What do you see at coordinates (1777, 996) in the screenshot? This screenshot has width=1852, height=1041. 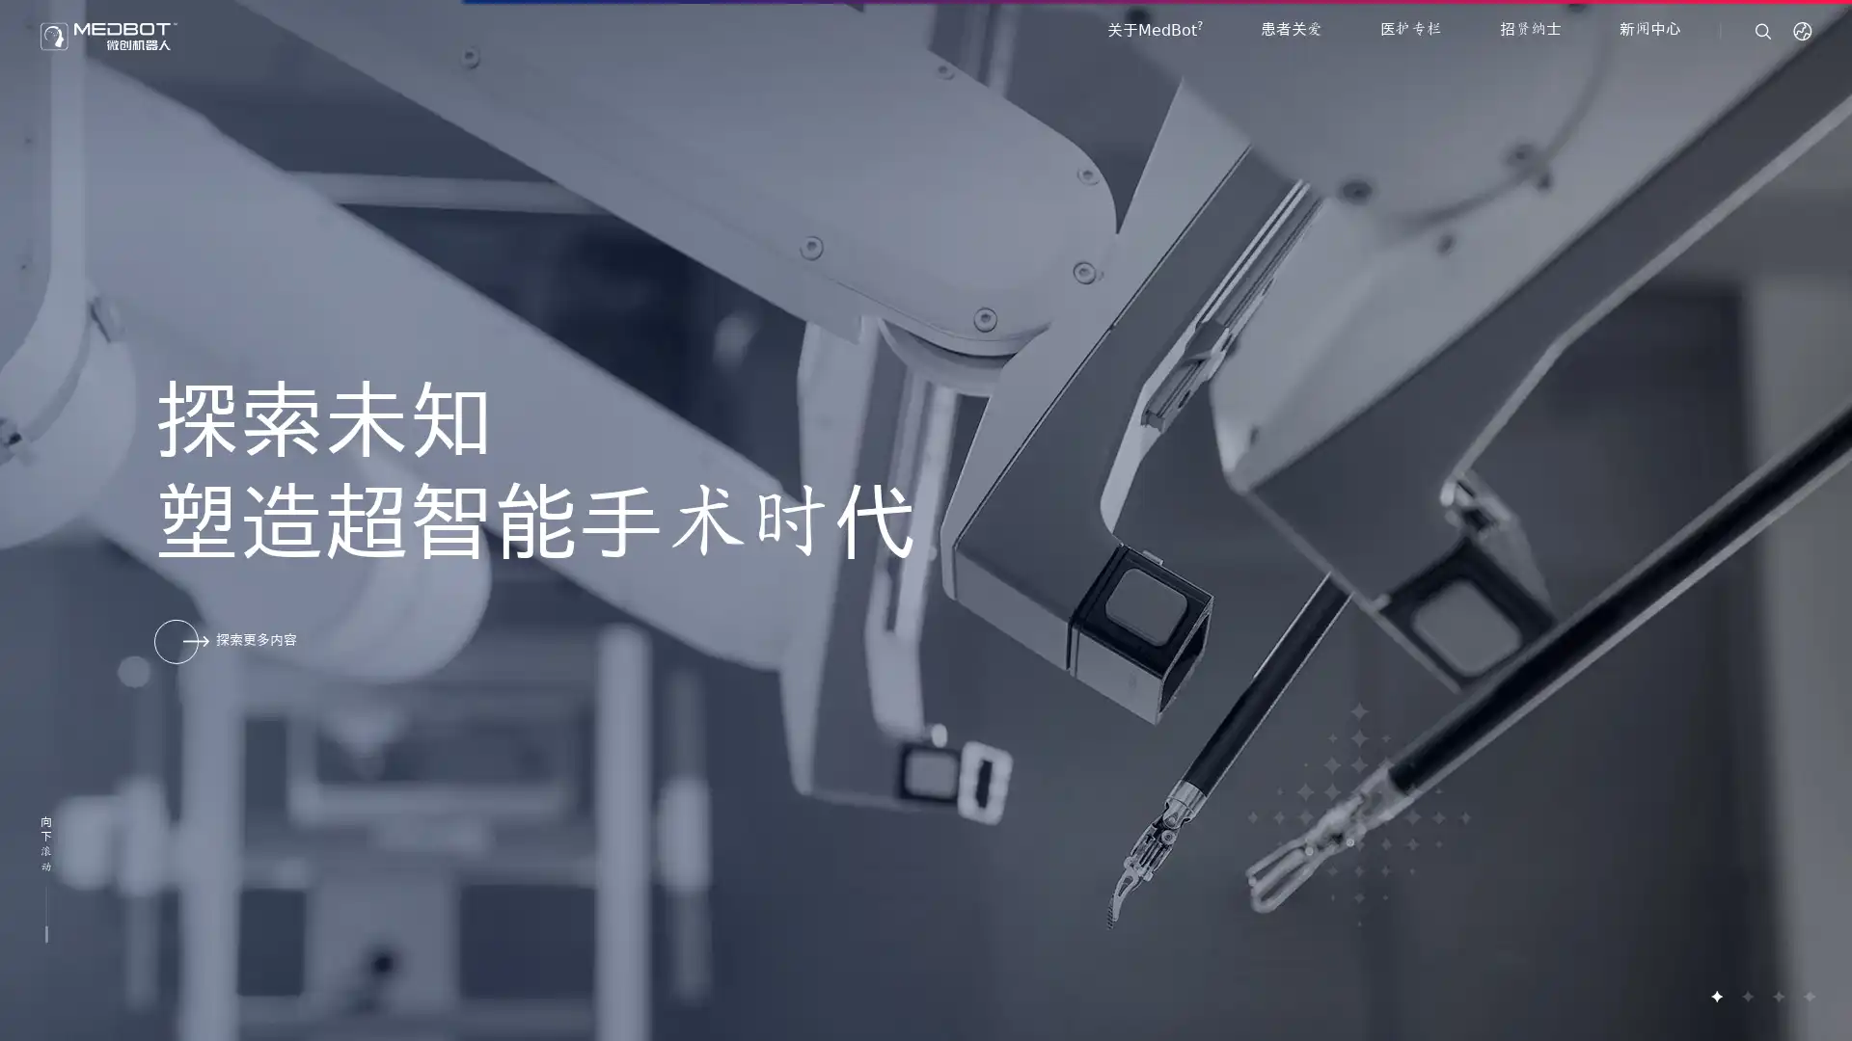 I see `Go to slide 3` at bounding box center [1777, 996].